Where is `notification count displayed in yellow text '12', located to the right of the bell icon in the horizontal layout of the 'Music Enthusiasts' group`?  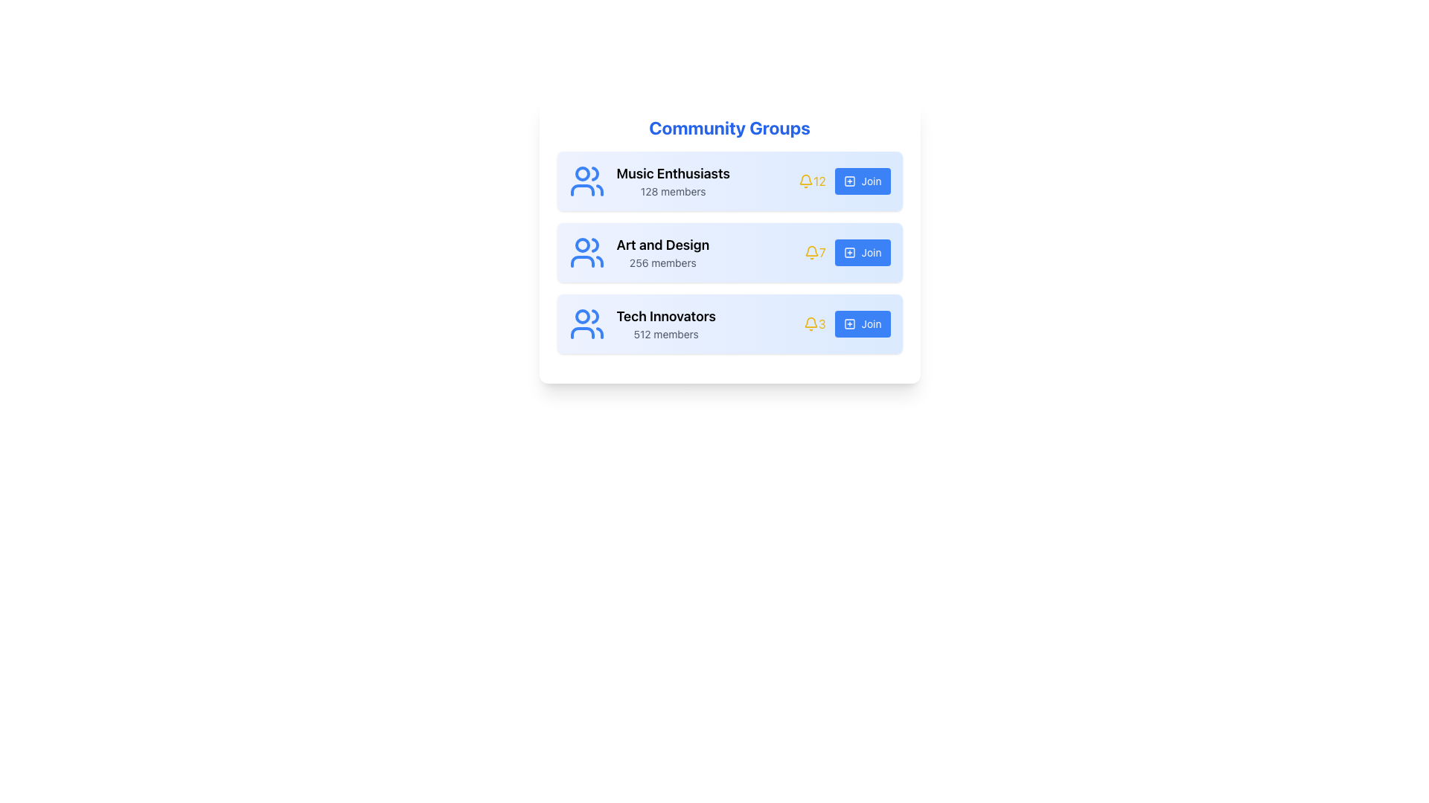 notification count displayed in yellow text '12', located to the right of the bell icon in the horizontal layout of the 'Music Enthusiasts' group is located at coordinates (819, 180).